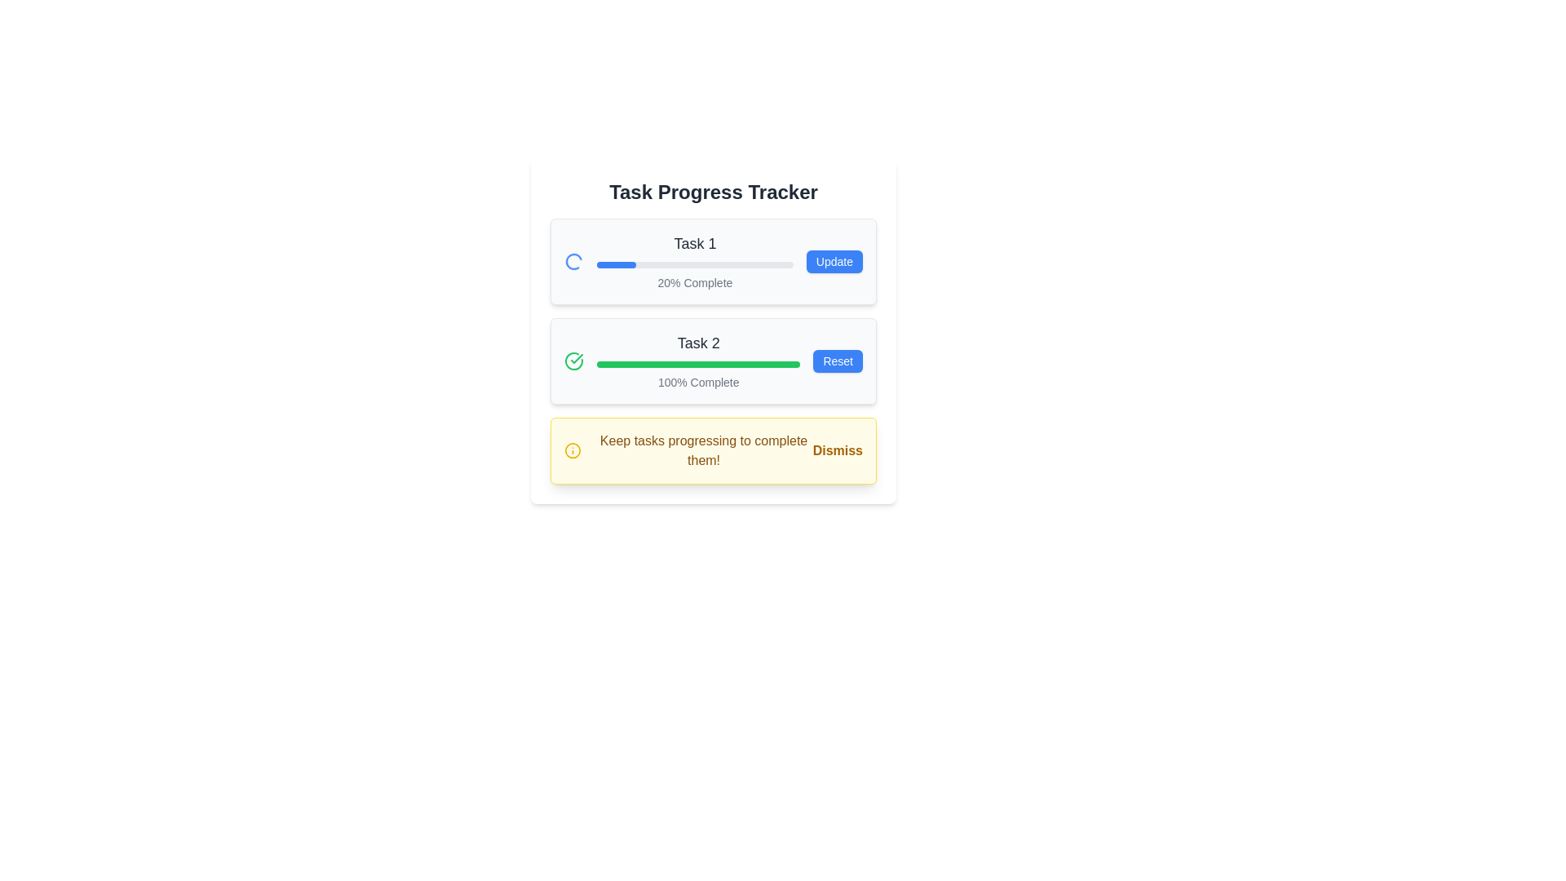  What do you see at coordinates (695, 282) in the screenshot?
I see `the static text label reading '20% Complete' located beneath the progress bar in the 'Task 1' UI block` at bounding box center [695, 282].